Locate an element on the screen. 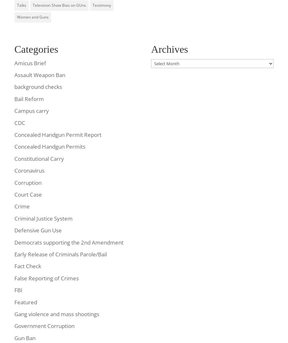  'Gun Ban' is located at coordinates (14, 338).